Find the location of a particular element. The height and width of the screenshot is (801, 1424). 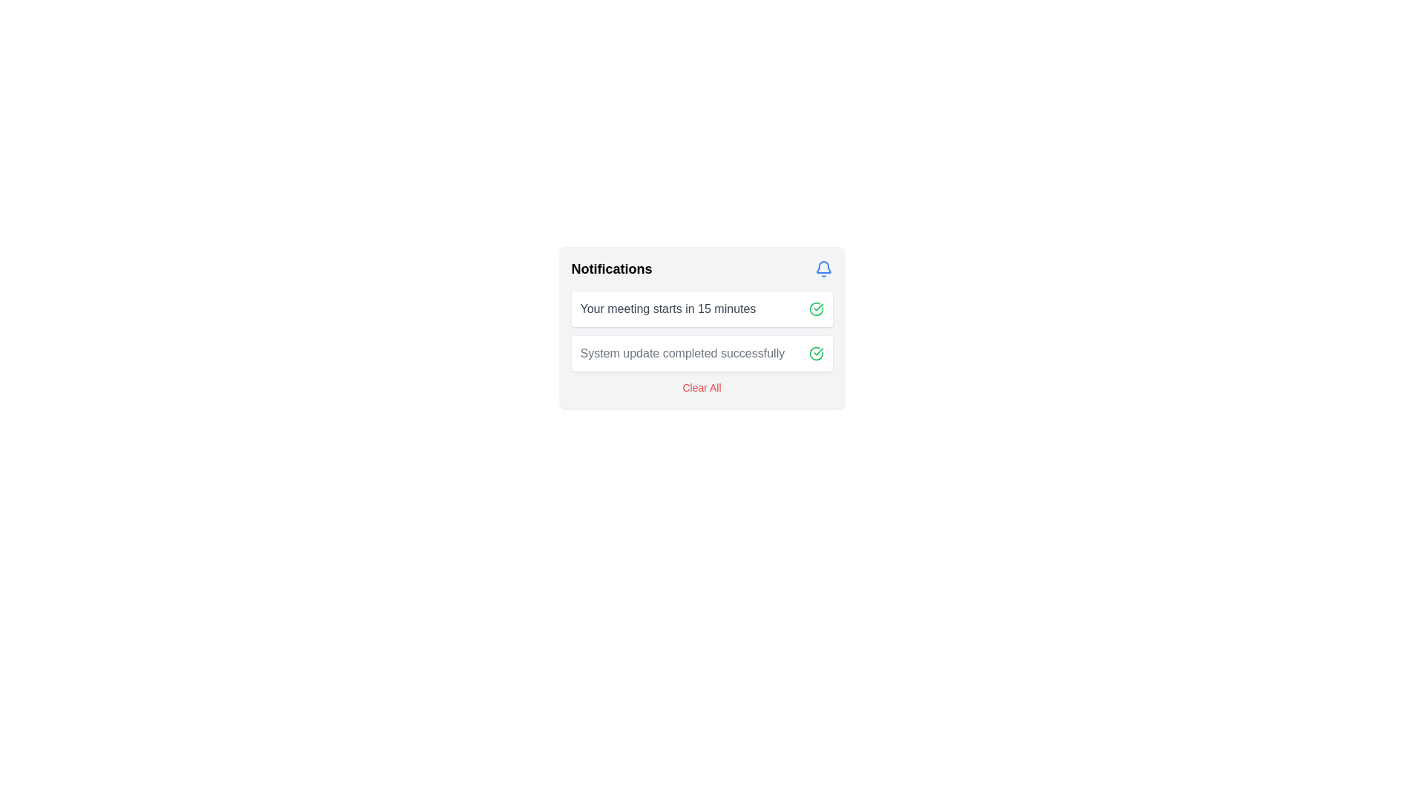

the green checkmark icon within the notification panel is located at coordinates (815, 354).